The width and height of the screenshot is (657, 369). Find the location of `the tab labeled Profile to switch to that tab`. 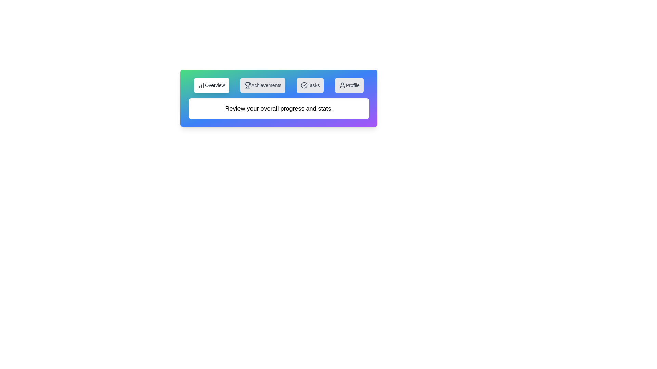

the tab labeled Profile to switch to that tab is located at coordinates (349, 85).